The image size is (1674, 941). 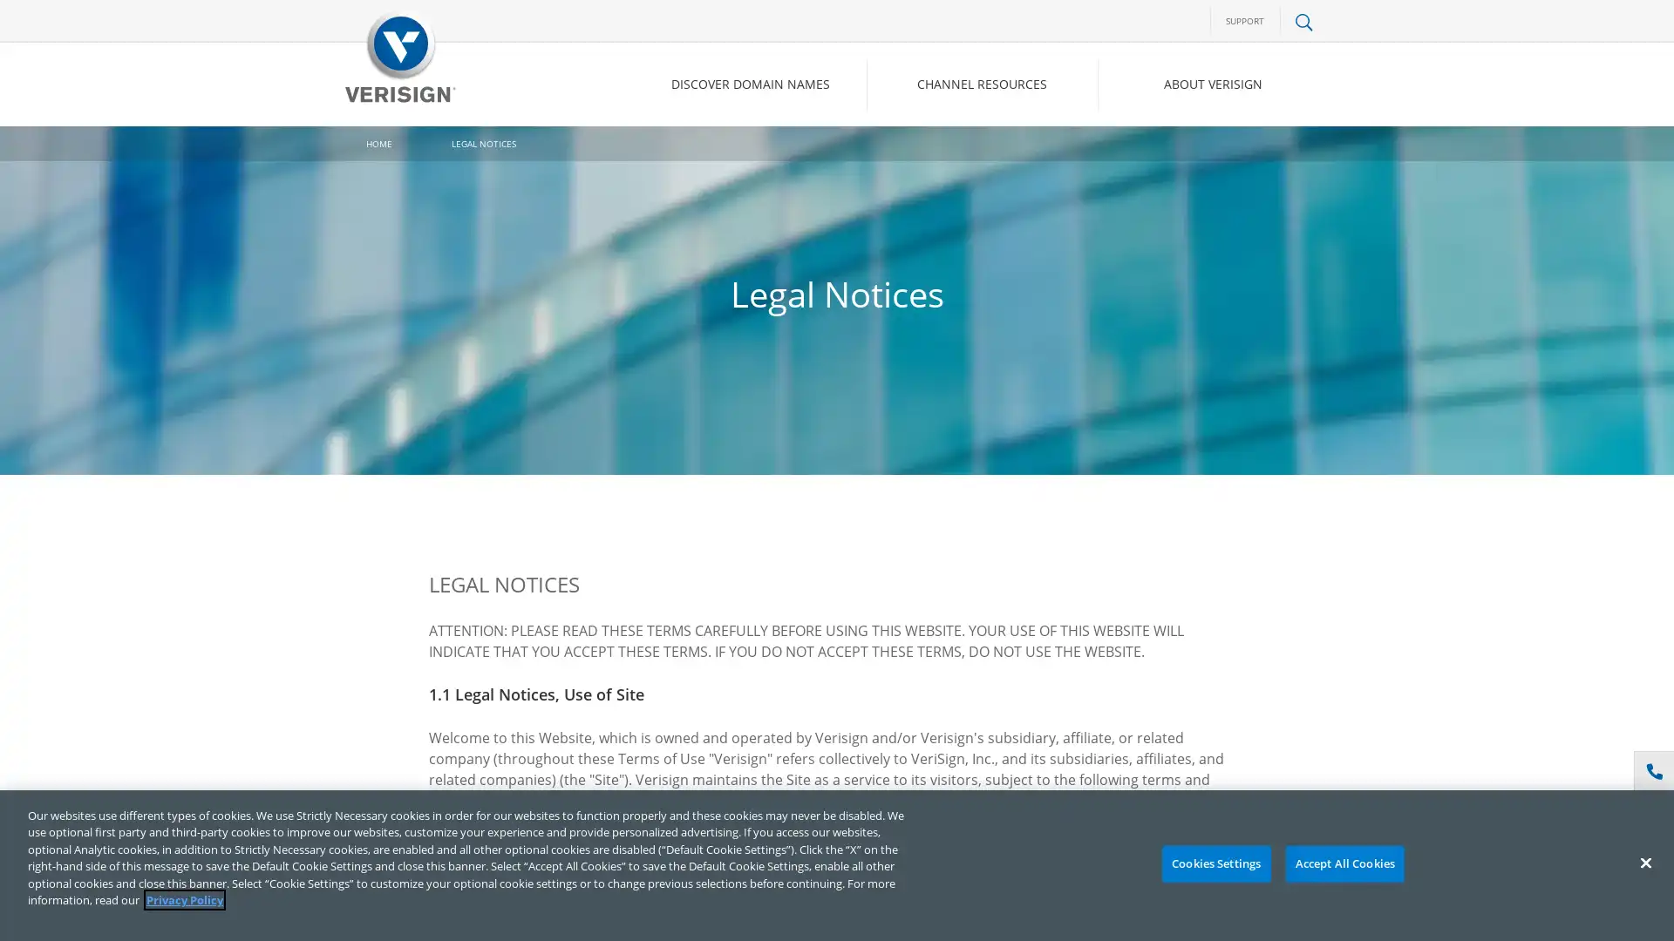 I want to click on Search, so click(x=1163, y=158).